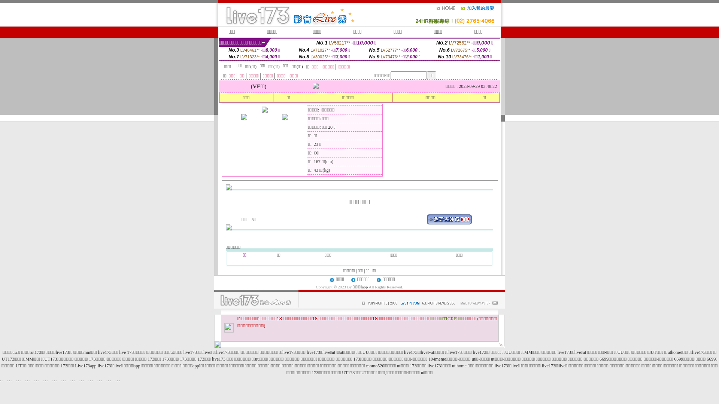  What do you see at coordinates (106, 379) in the screenshot?
I see `'.'` at bounding box center [106, 379].